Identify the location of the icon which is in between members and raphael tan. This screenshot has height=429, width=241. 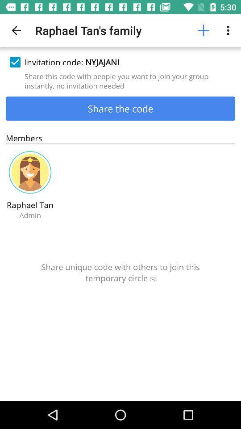
(30, 172).